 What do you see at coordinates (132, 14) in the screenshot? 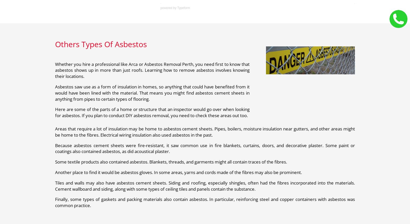
I see `'DIY Safety Precautions'` at bounding box center [132, 14].